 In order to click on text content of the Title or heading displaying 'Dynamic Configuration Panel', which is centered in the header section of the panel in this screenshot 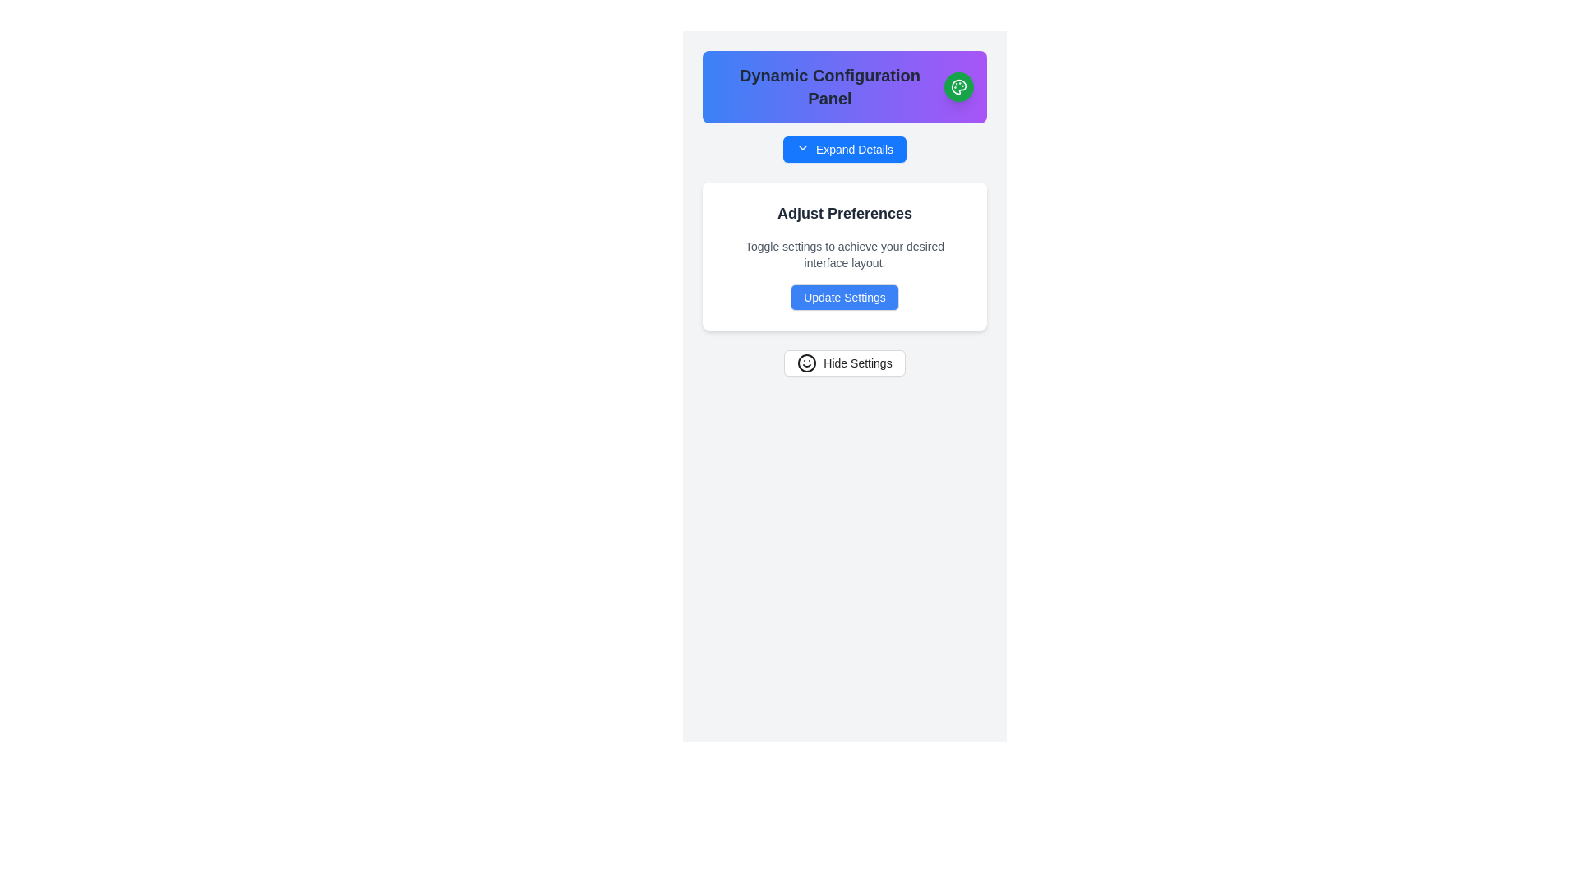, I will do `click(829, 86)`.